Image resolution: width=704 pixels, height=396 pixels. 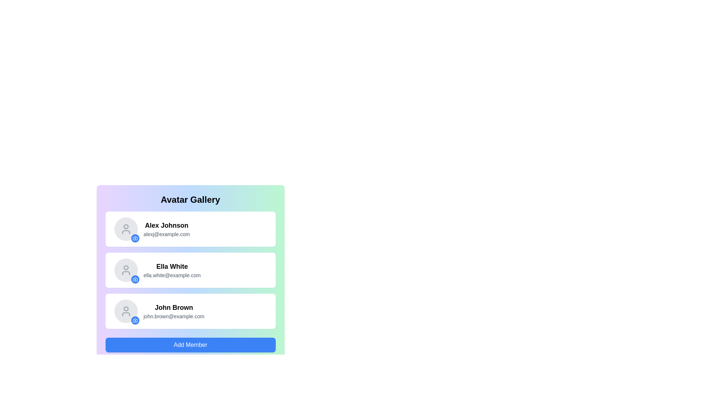 What do you see at coordinates (172, 275) in the screenshot?
I see `email address text snippet 'ella.white@example.com' displayed in a small, gray font below the name label 'Ella White' in the Avatar Gallery interface` at bounding box center [172, 275].